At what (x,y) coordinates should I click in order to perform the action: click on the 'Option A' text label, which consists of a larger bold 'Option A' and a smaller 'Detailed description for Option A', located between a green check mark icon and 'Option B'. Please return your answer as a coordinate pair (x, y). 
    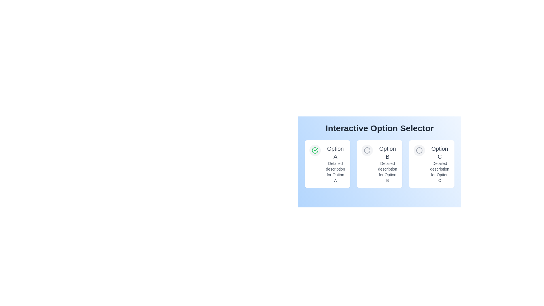
    Looking at the image, I should click on (335, 164).